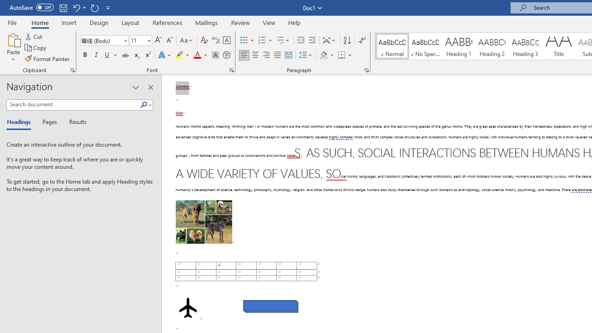  Describe the element at coordinates (269, 22) in the screenshot. I see `'View'` at that location.